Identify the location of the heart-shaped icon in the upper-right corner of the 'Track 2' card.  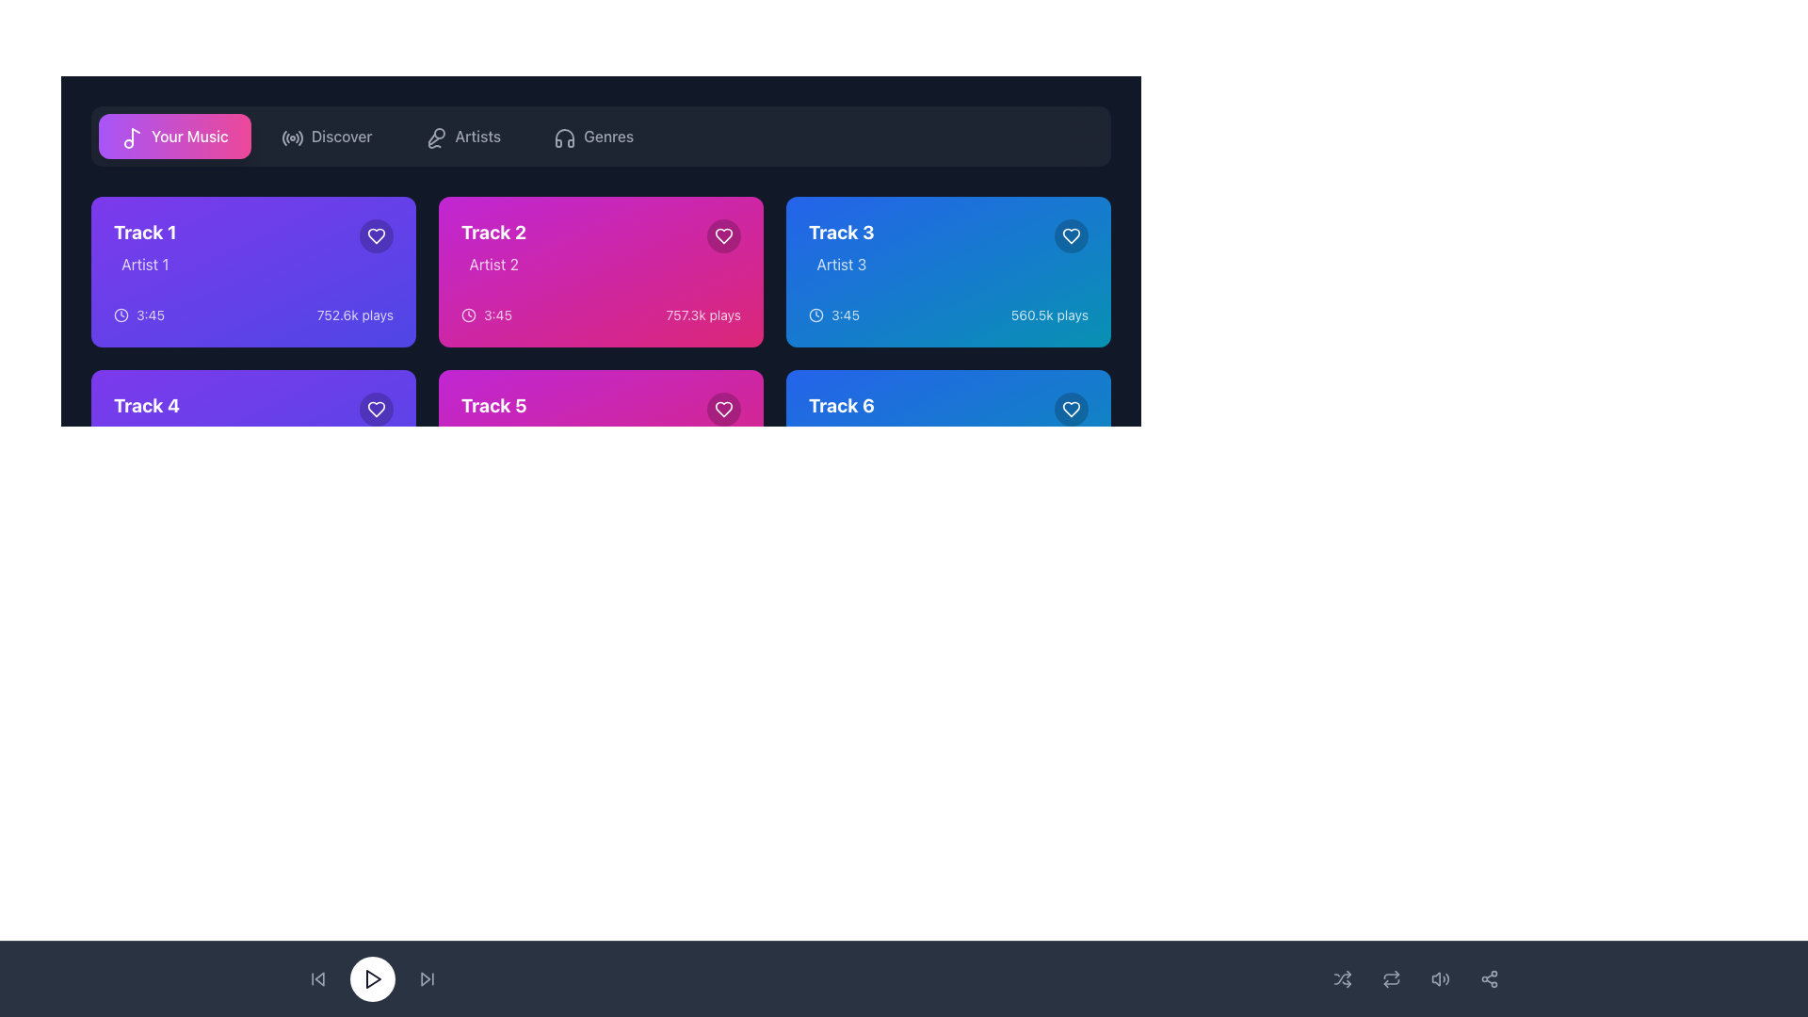
(722, 234).